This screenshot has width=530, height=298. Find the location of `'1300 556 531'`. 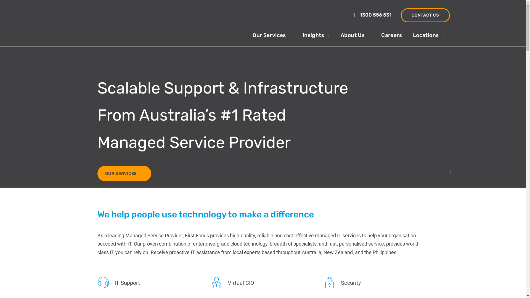

'1300 556 531' is located at coordinates (373, 15).